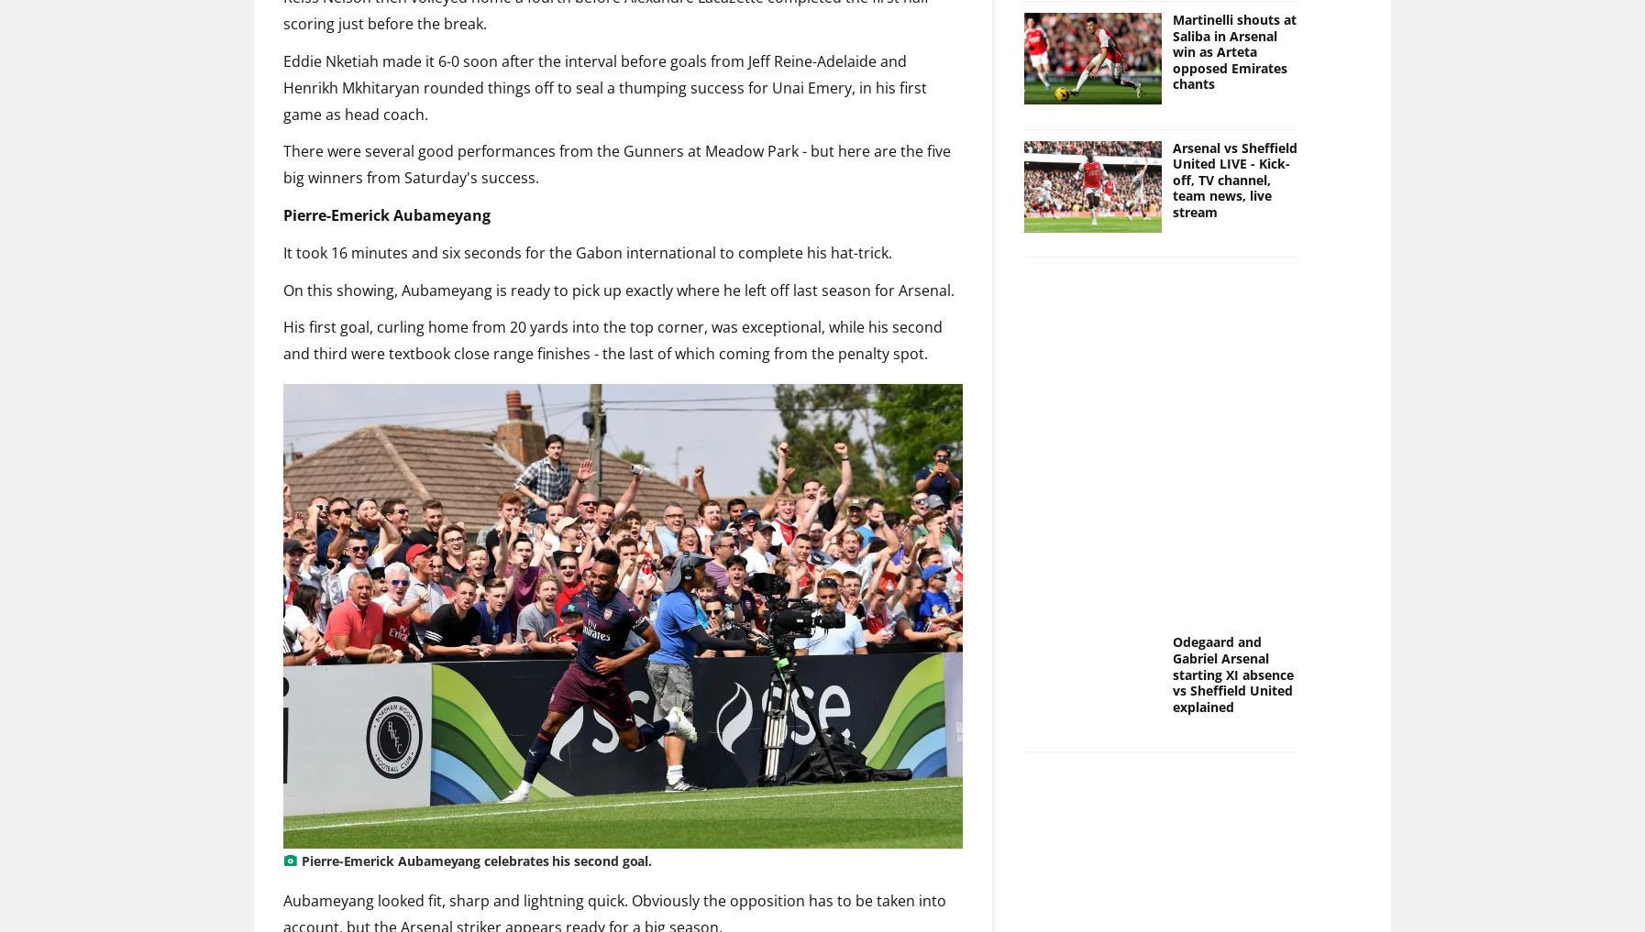  What do you see at coordinates (477, 860) in the screenshot?
I see `'Pierre-Emerick Aubameyang celebrates his second goal.'` at bounding box center [477, 860].